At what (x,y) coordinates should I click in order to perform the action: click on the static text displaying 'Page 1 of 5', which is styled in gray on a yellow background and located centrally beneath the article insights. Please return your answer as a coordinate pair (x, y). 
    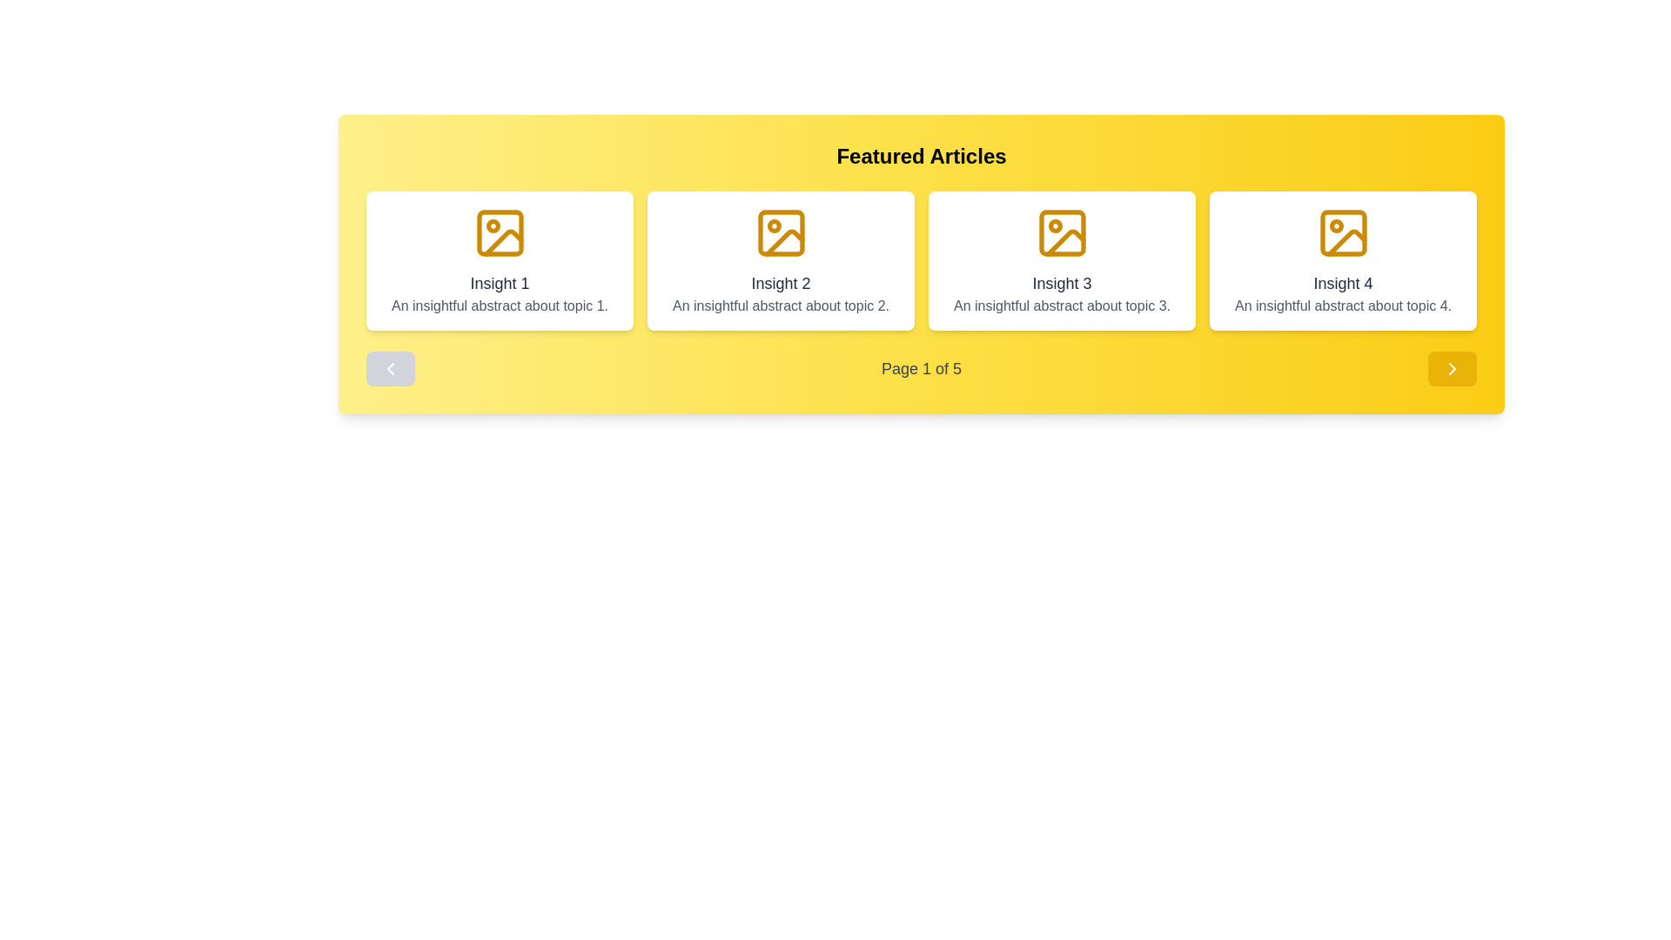
    Looking at the image, I should click on (921, 368).